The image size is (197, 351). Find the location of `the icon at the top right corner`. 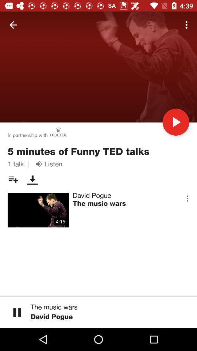

the icon at the top right corner is located at coordinates (187, 25).